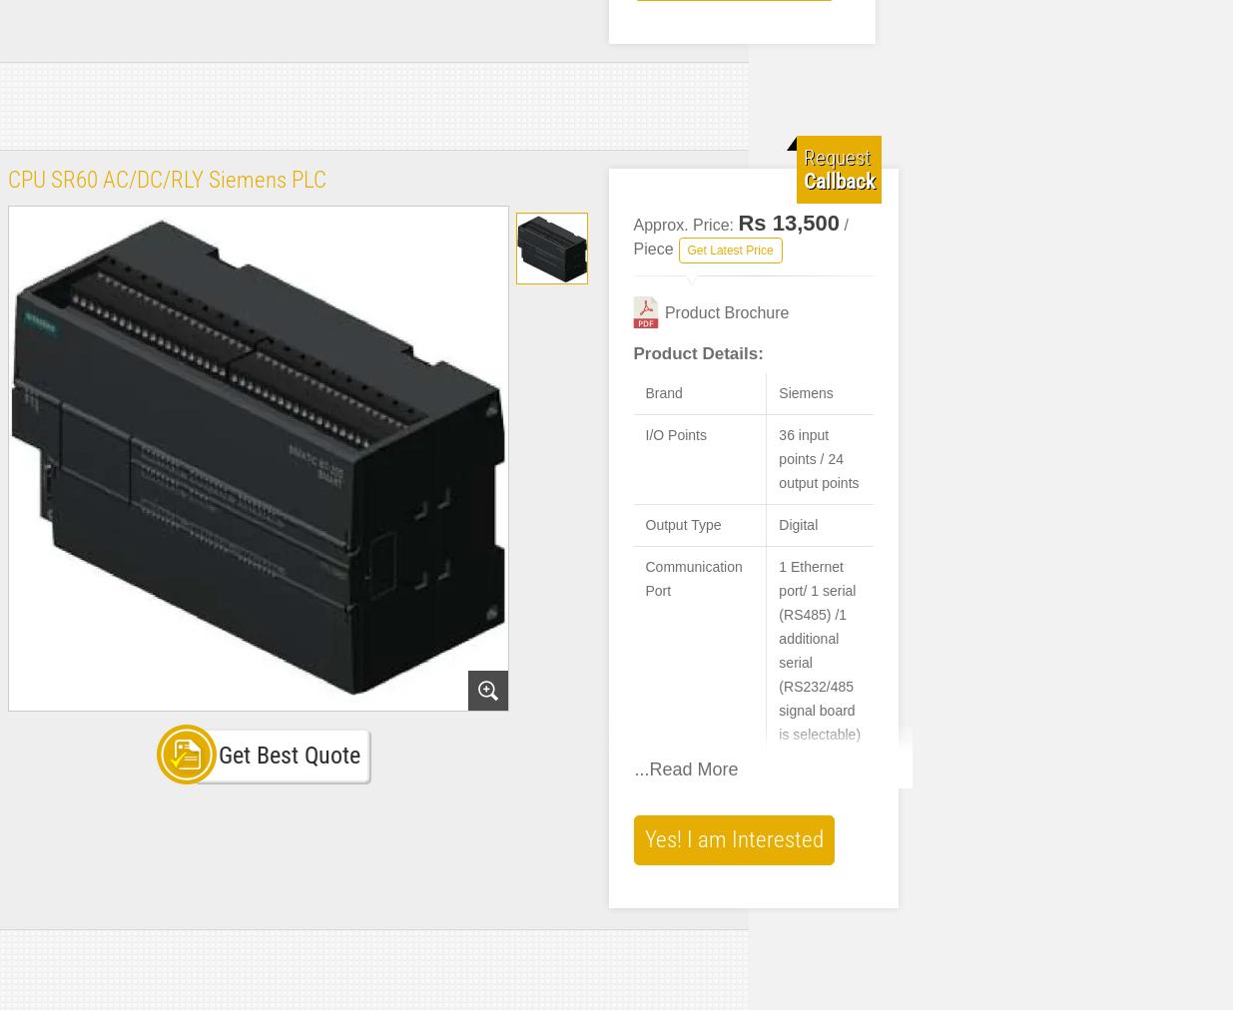 This screenshot has height=1010, width=1233. I want to click on 'Built-in with 8 high-speed input points (2 points for 100kHz, 6 points for 10kHz) and supports U/D, U/D Dir, A/B counting modes', so click(755, 442).